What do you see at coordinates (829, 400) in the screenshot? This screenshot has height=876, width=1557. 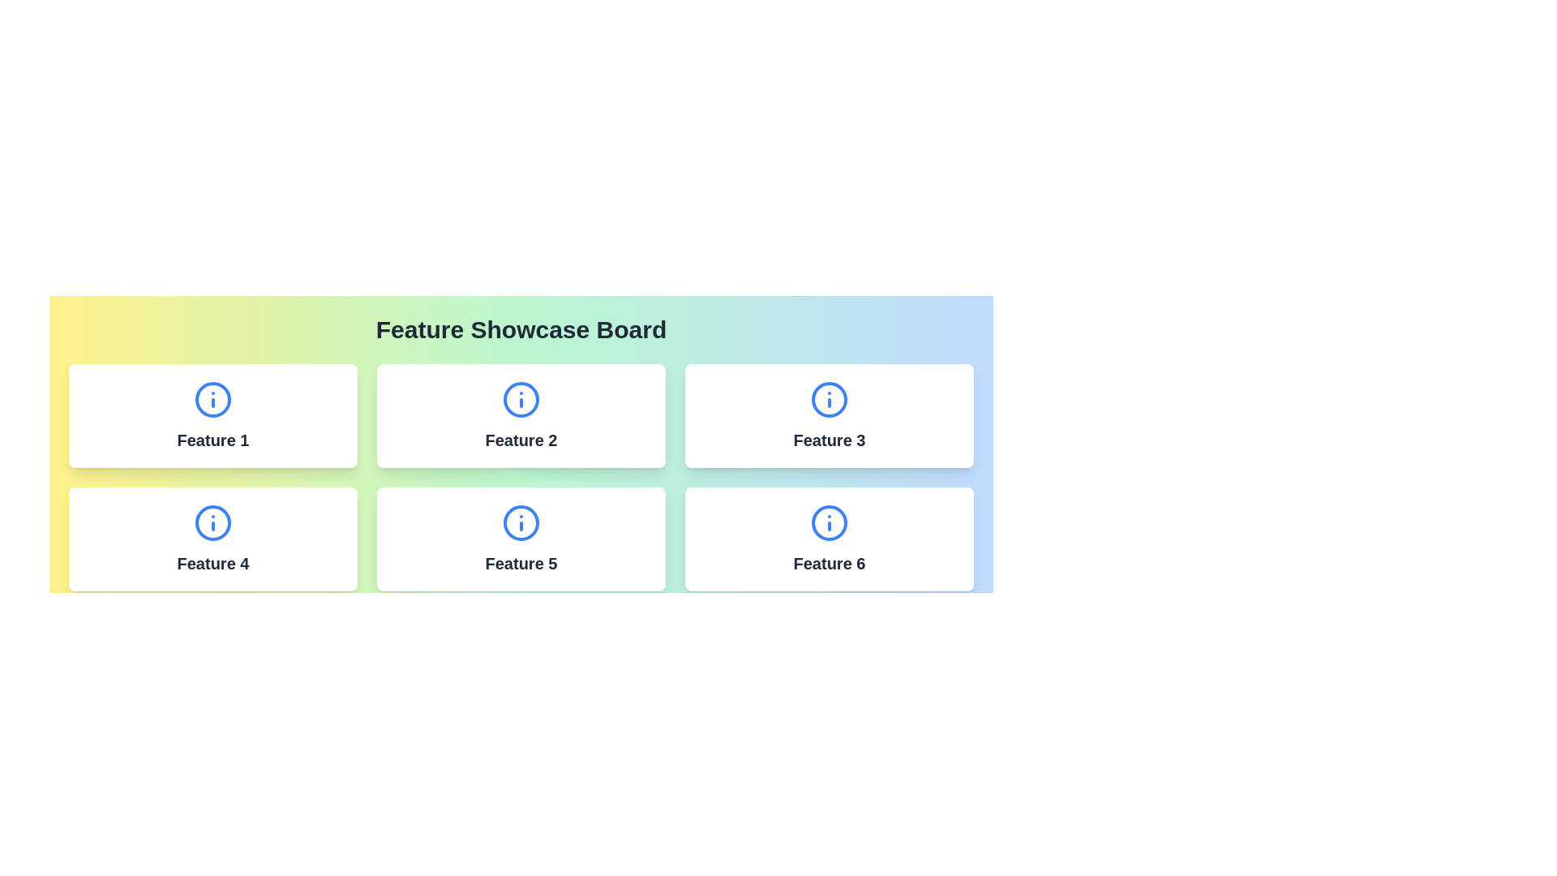 I see `the circular blue icon with an information symbol located at the top-center of the card titled 'Feature 3'` at bounding box center [829, 400].